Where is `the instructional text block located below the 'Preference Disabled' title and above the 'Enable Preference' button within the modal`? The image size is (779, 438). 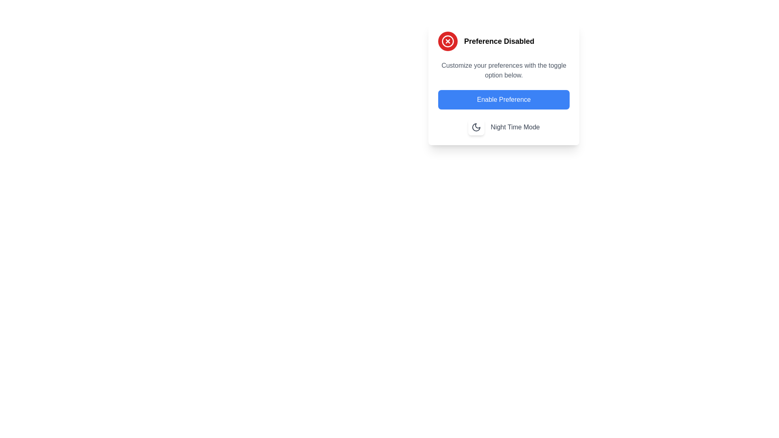
the instructional text block located below the 'Preference Disabled' title and above the 'Enable Preference' button within the modal is located at coordinates (504, 70).